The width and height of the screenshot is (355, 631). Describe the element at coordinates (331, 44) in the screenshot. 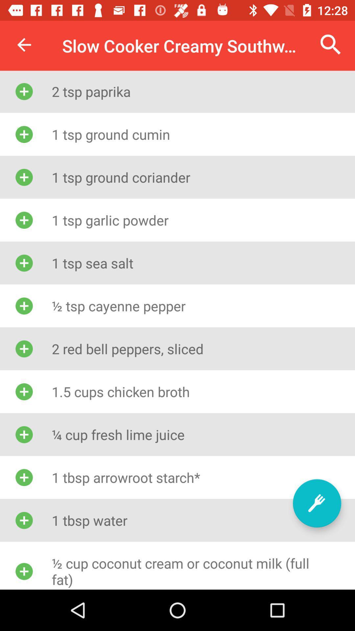

I see `icon above the 2 tsp paprika icon` at that location.